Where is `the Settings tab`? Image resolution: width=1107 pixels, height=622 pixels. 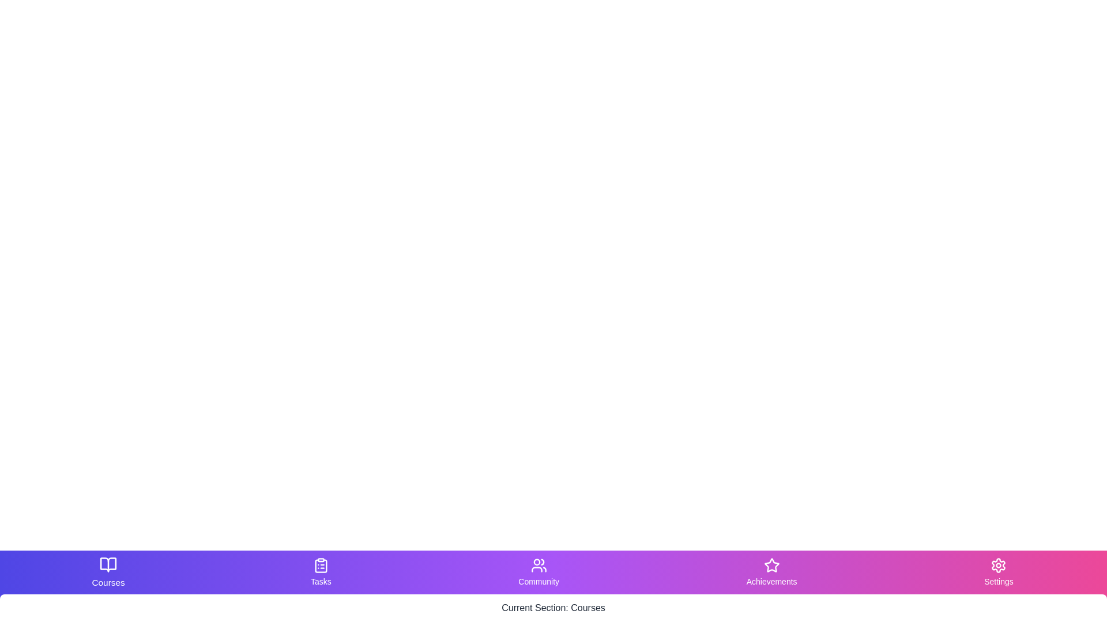
the Settings tab is located at coordinates (998, 572).